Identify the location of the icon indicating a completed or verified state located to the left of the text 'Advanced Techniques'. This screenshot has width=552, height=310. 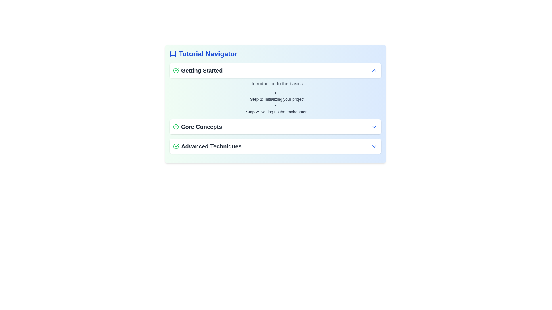
(175, 146).